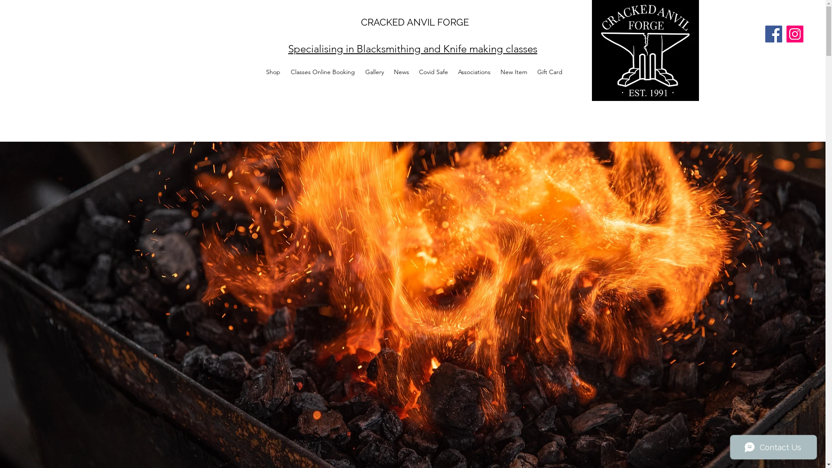 This screenshot has width=832, height=468. What do you see at coordinates (434, 71) in the screenshot?
I see `'Covid Safe'` at bounding box center [434, 71].